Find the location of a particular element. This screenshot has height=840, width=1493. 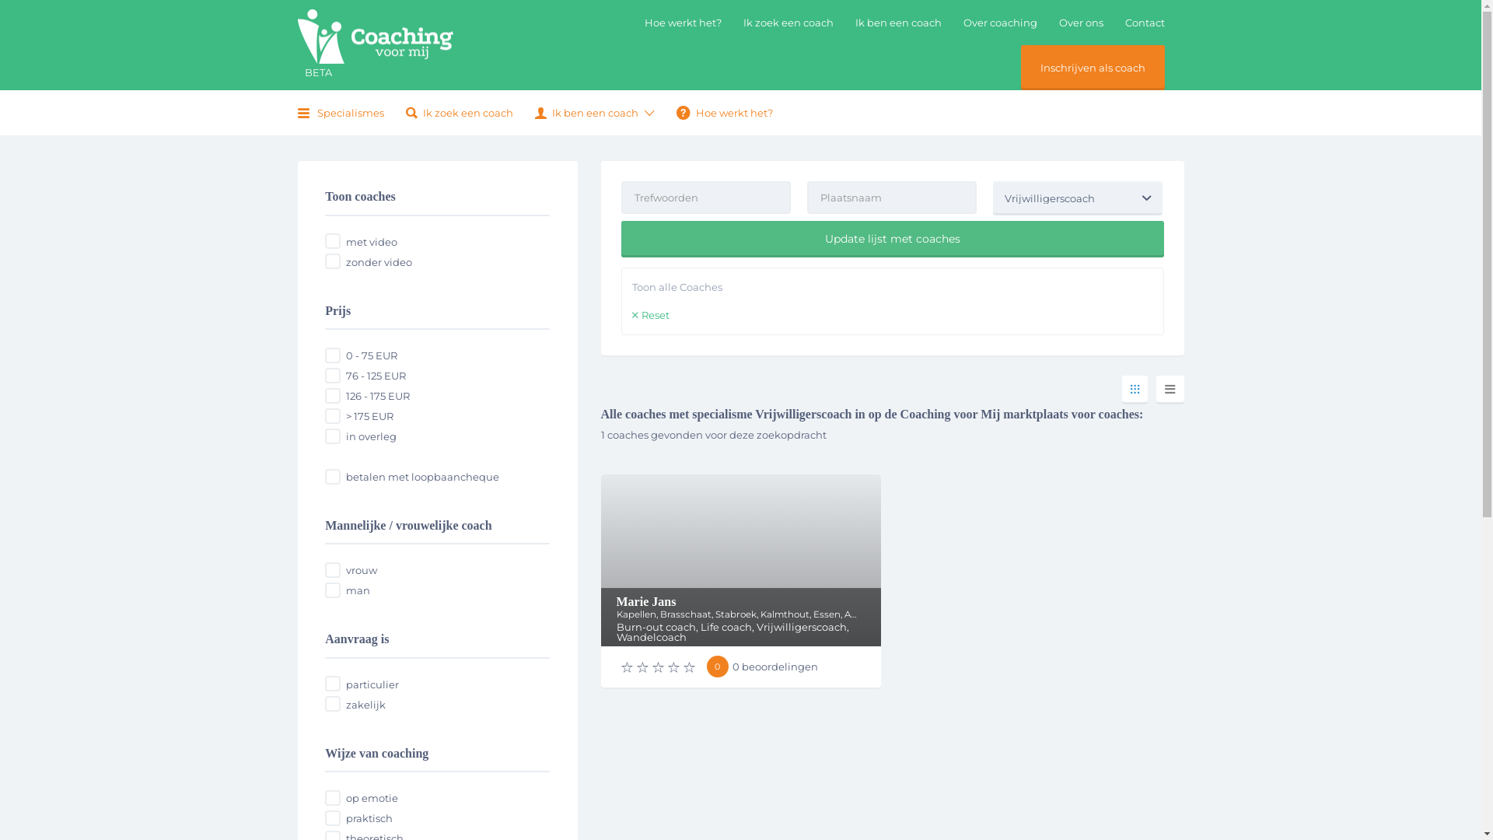

'consumer' is located at coordinates (323, 683).